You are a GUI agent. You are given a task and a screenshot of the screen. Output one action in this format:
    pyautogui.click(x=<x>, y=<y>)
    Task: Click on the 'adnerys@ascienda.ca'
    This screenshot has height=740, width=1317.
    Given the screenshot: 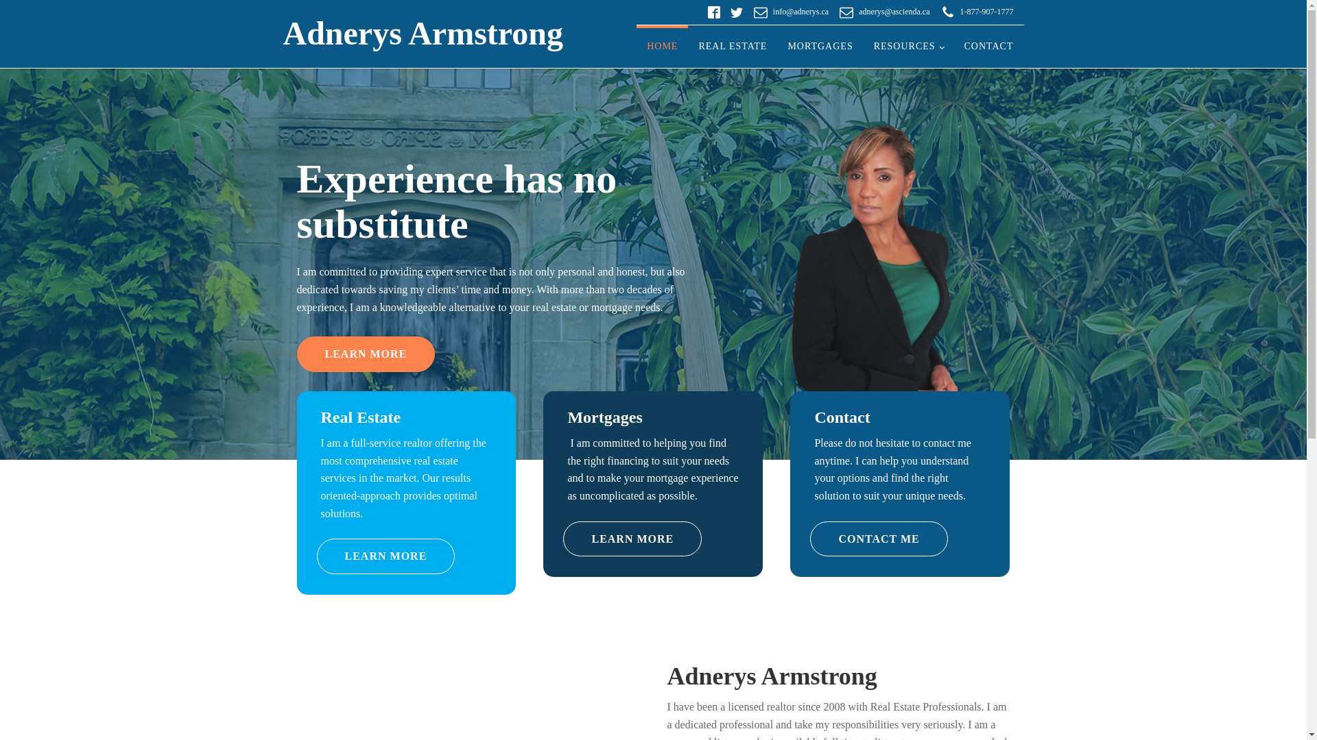 What is the action you would take?
    pyautogui.click(x=894, y=12)
    